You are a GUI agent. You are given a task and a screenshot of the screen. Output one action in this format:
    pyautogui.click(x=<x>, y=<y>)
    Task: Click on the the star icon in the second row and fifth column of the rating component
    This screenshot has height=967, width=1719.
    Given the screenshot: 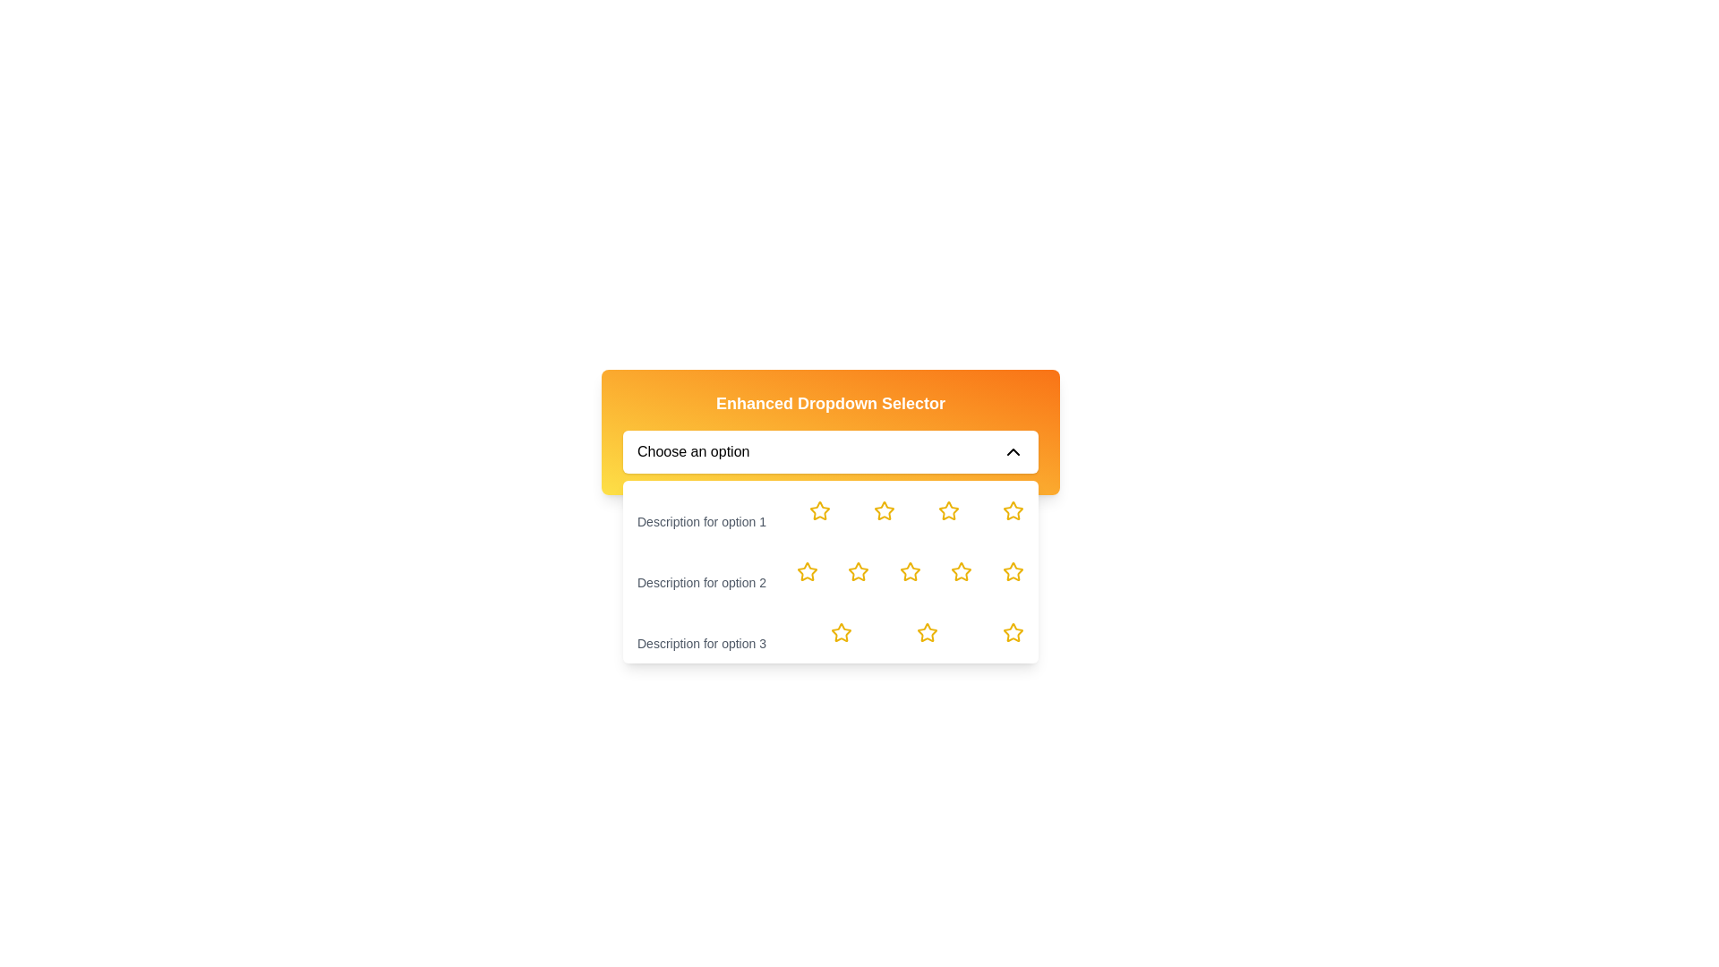 What is the action you would take?
    pyautogui.click(x=1013, y=571)
    